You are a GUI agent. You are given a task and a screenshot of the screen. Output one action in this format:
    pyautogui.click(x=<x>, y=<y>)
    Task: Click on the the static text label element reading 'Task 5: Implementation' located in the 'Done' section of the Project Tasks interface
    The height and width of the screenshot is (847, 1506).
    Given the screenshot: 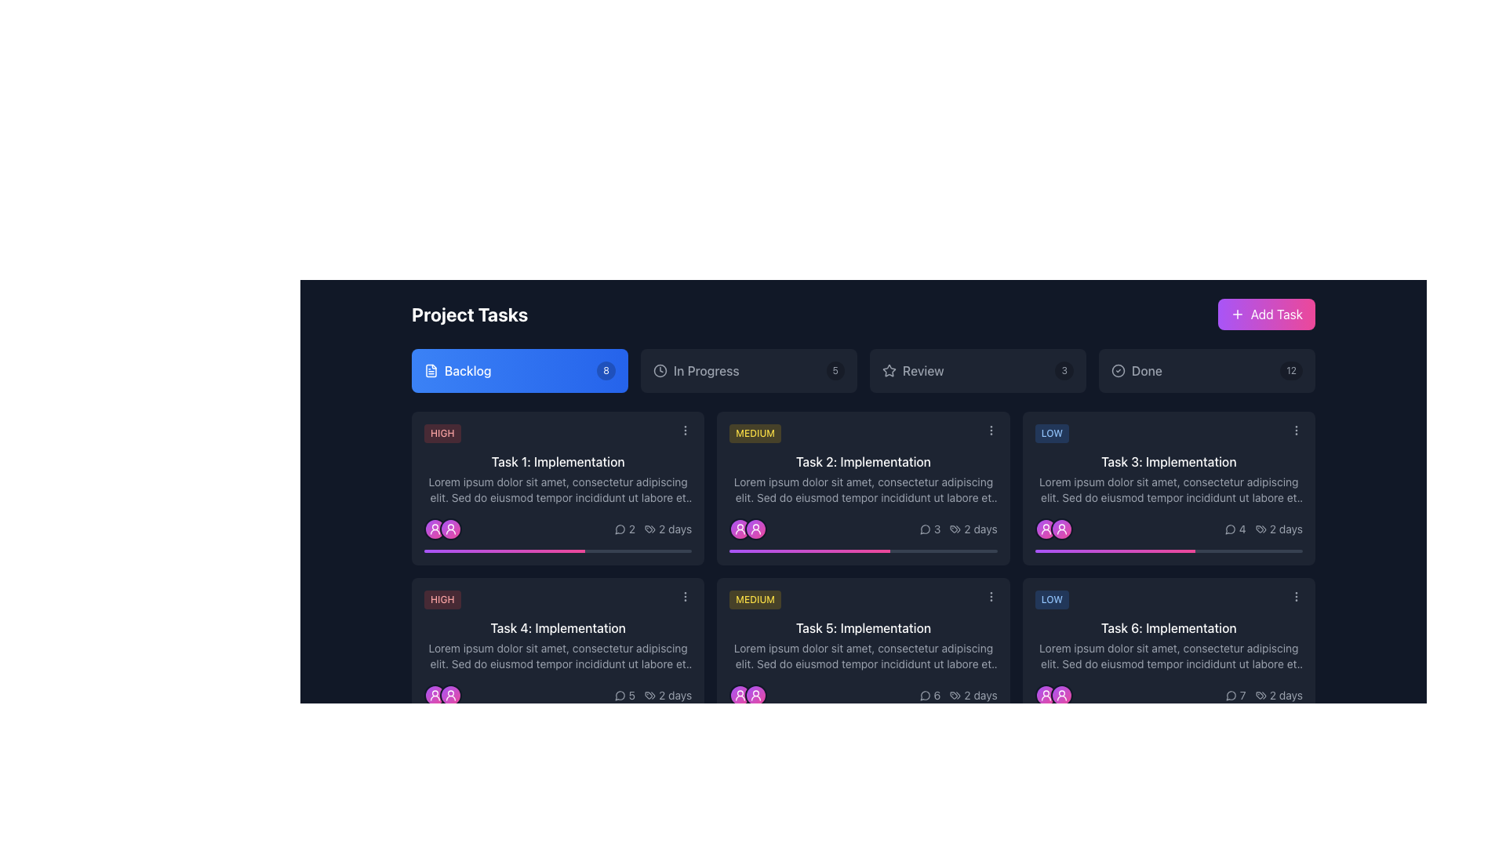 What is the action you would take?
    pyautogui.click(x=862, y=627)
    